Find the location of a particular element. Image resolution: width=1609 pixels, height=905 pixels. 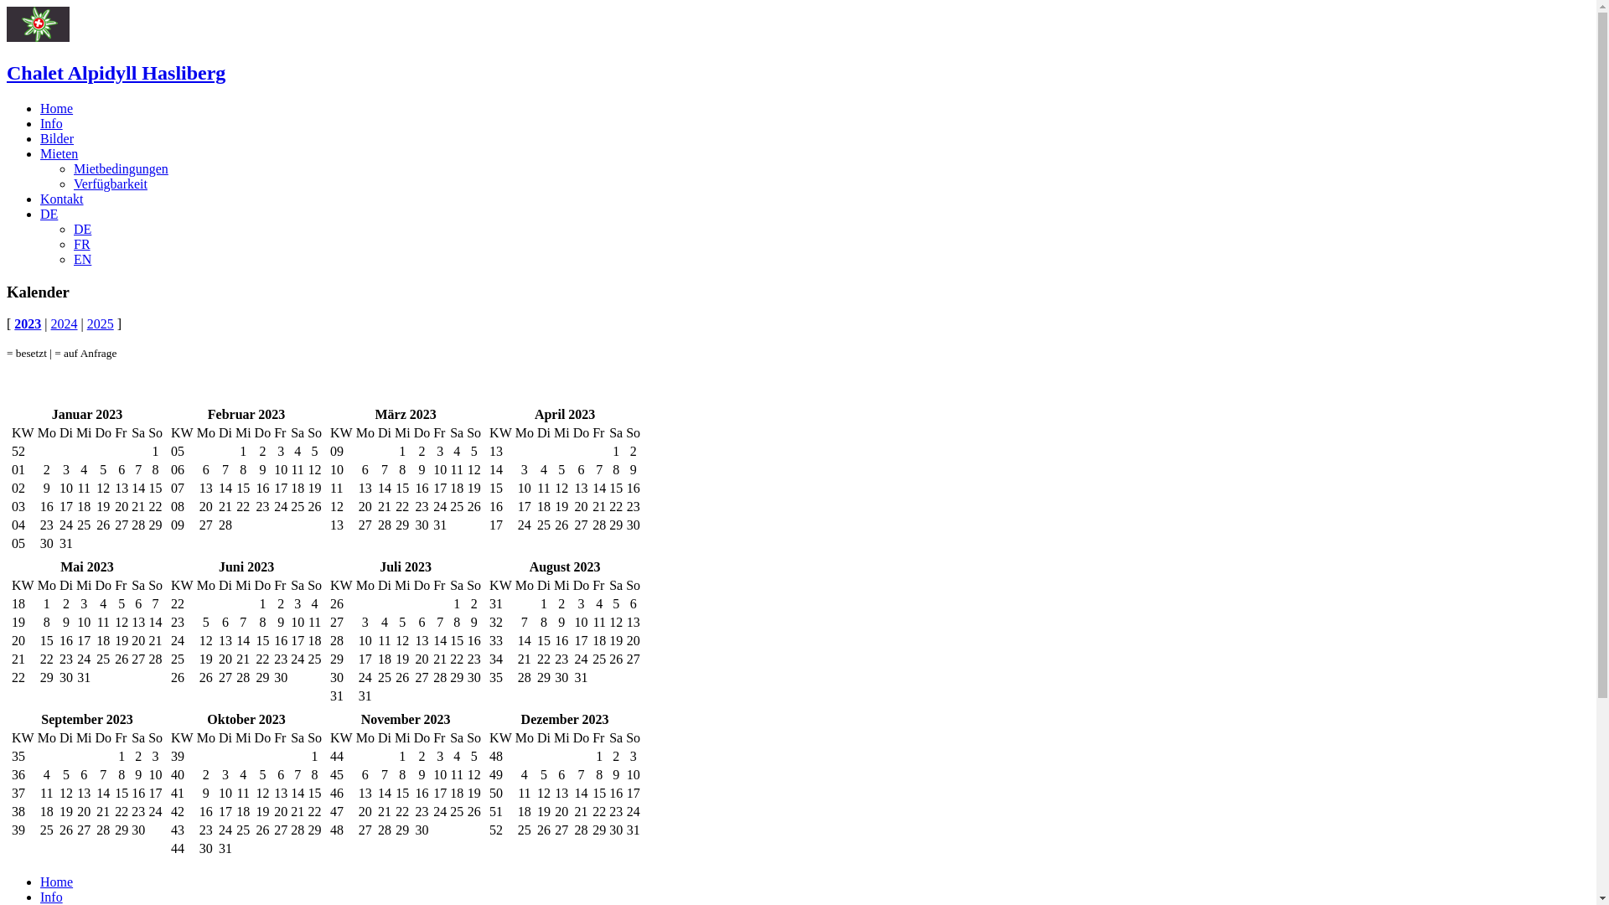

'2025' is located at coordinates (100, 323).